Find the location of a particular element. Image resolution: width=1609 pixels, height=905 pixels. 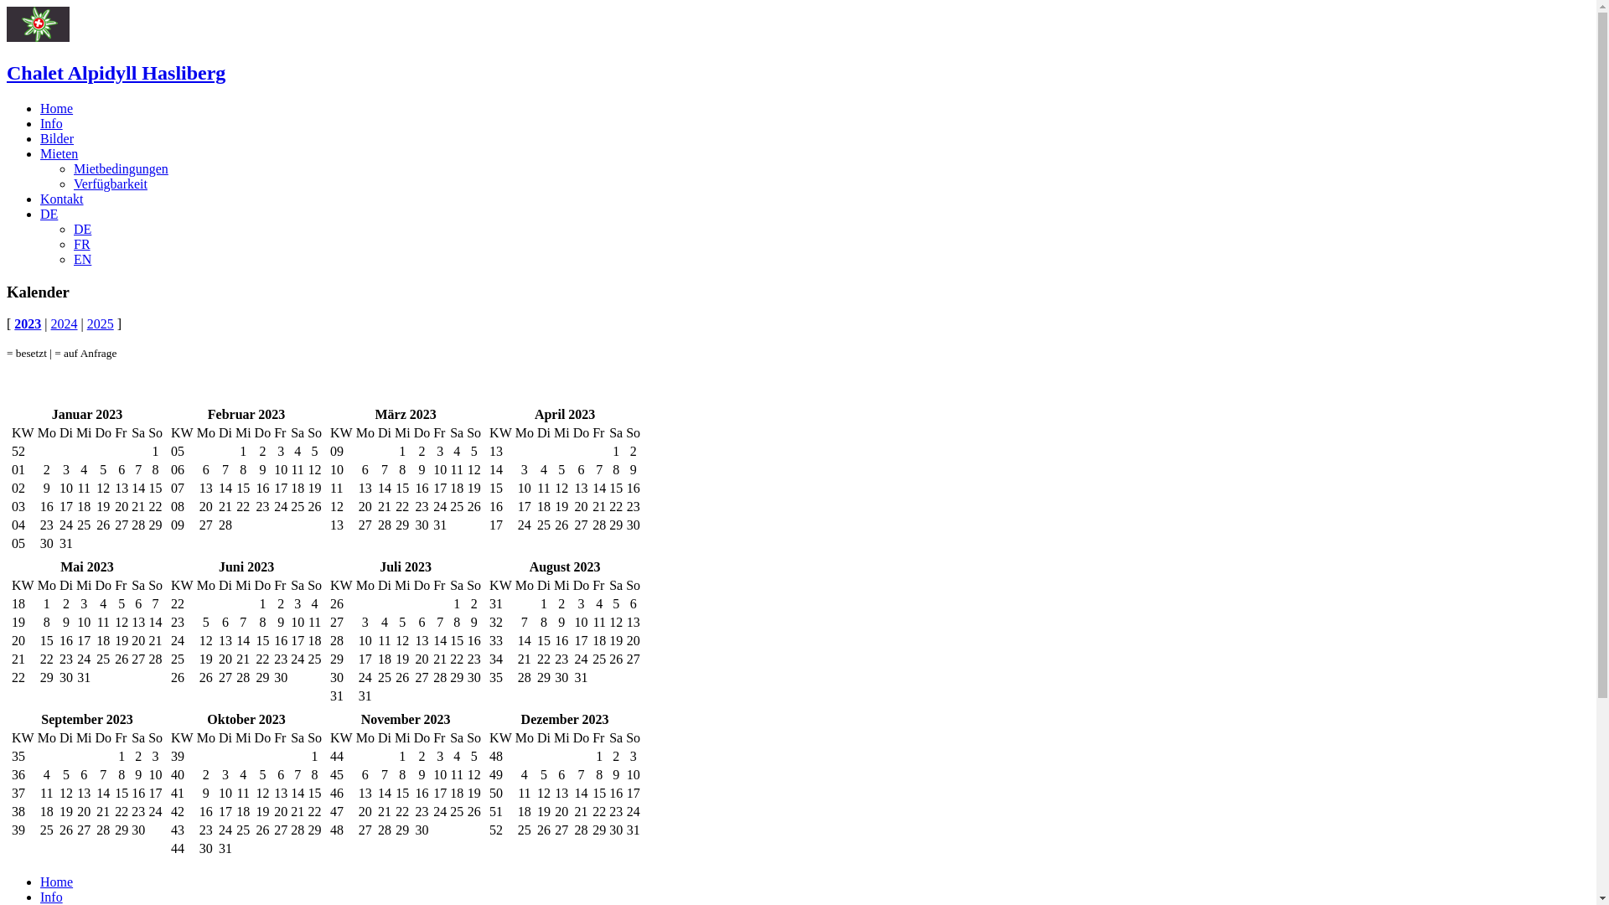

'2025' is located at coordinates (100, 323).